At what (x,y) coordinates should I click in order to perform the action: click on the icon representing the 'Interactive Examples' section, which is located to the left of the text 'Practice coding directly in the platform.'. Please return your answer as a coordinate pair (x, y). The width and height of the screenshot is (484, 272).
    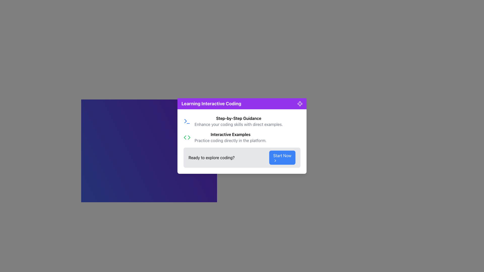
    Looking at the image, I should click on (187, 138).